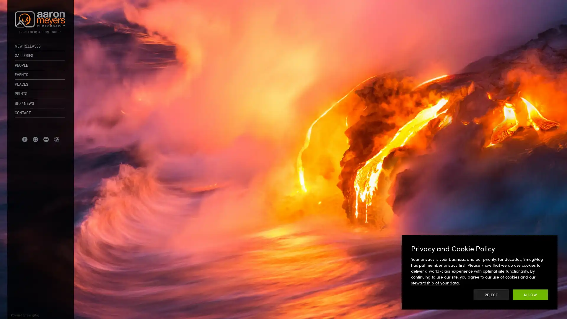 The height and width of the screenshot is (319, 567). I want to click on REJECT, so click(491, 295).